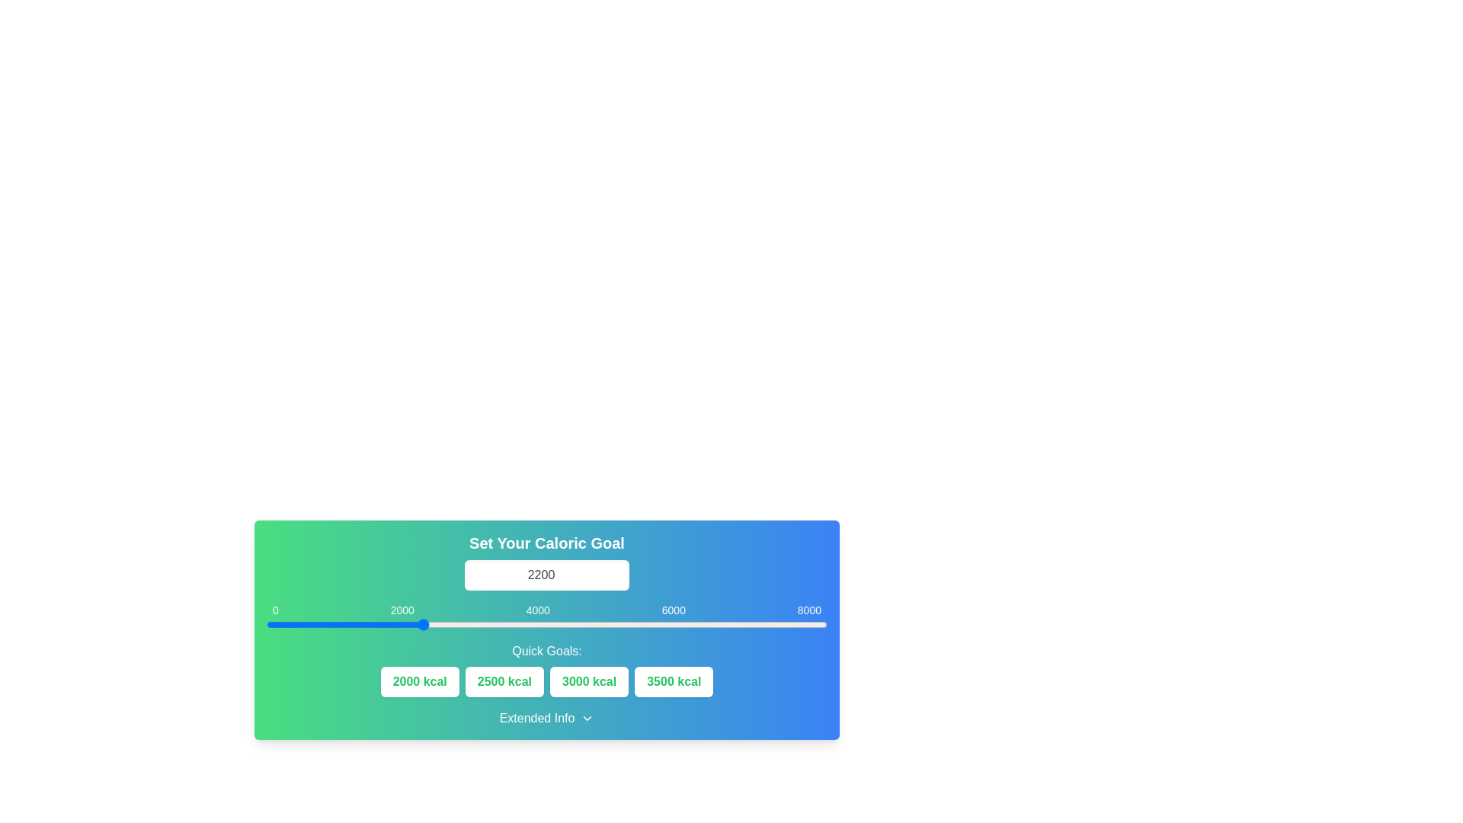 Image resolution: width=1463 pixels, height=823 pixels. I want to click on the numerical scale displaying values 0, 2000, 4000, 6000, and 8000, which is positioned above the slider control and below the title 'Set Your Caloric Goal.', so click(547, 610).